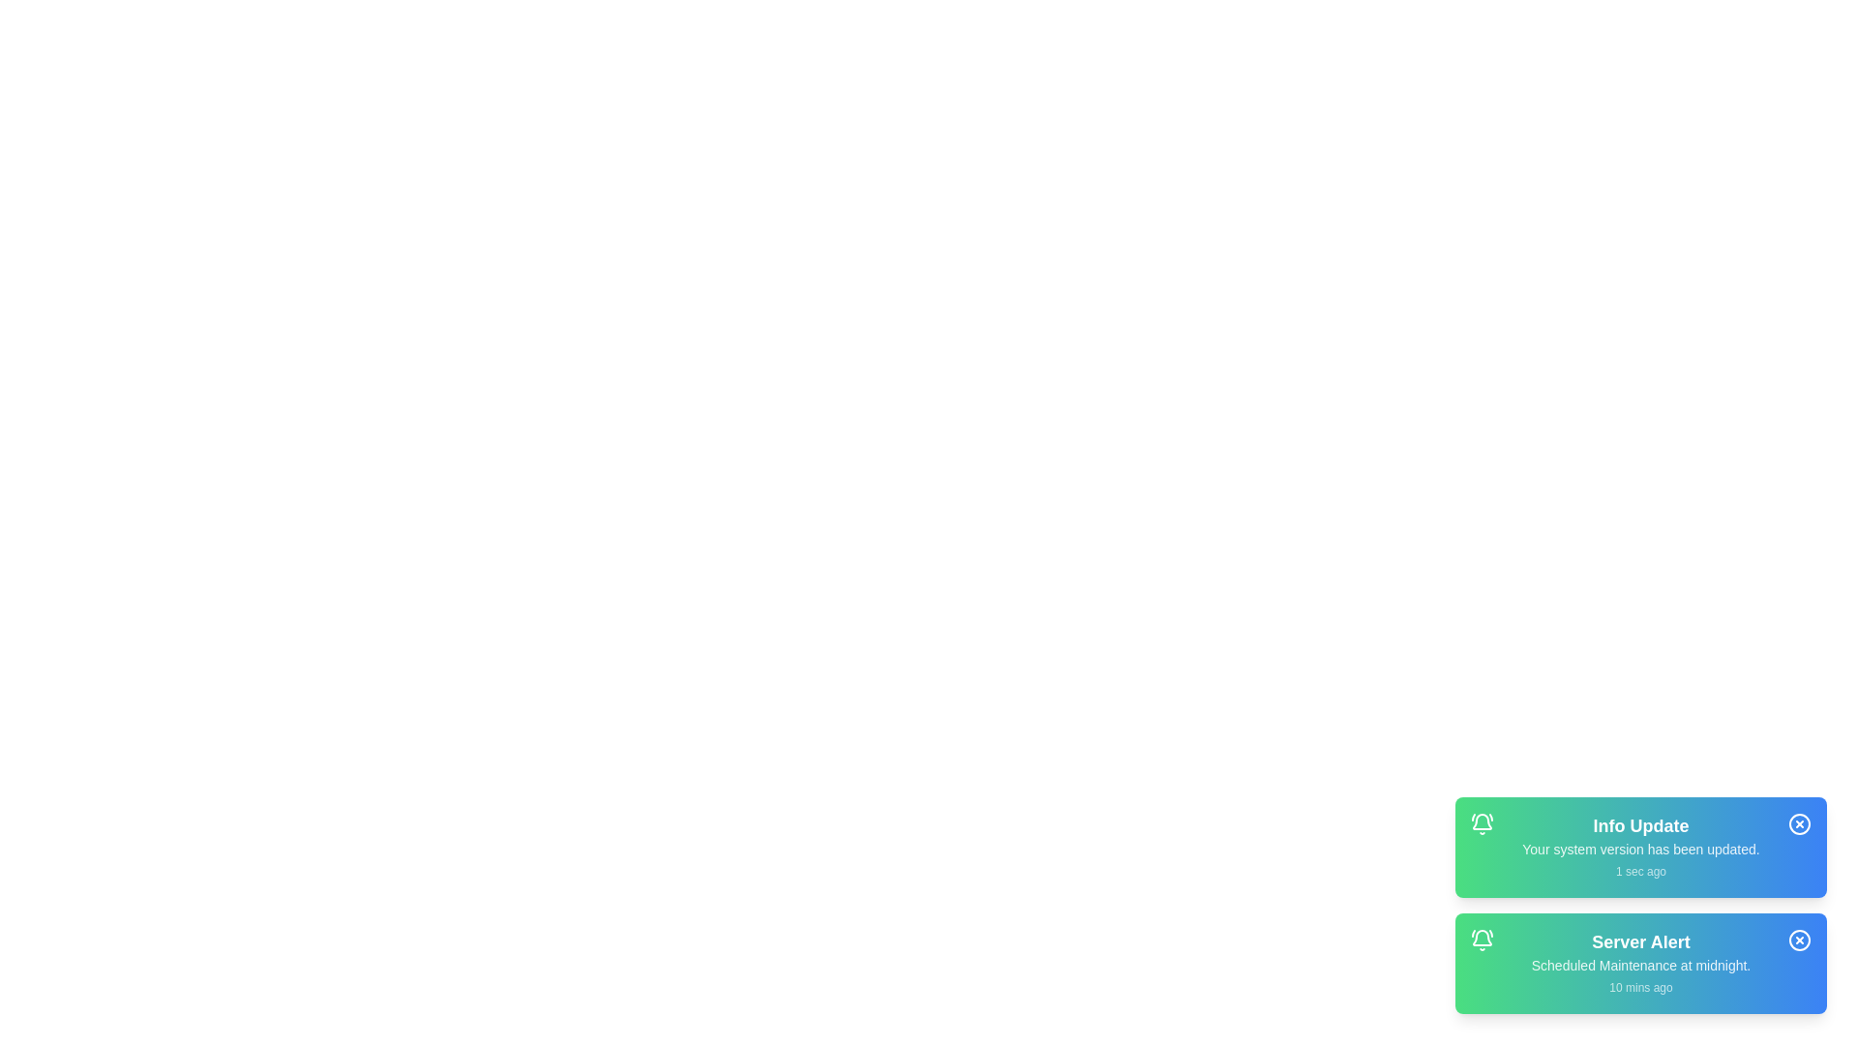 This screenshot has height=1045, width=1858. I want to click on close button of the notification with title Info Update, so click(1799, 824).